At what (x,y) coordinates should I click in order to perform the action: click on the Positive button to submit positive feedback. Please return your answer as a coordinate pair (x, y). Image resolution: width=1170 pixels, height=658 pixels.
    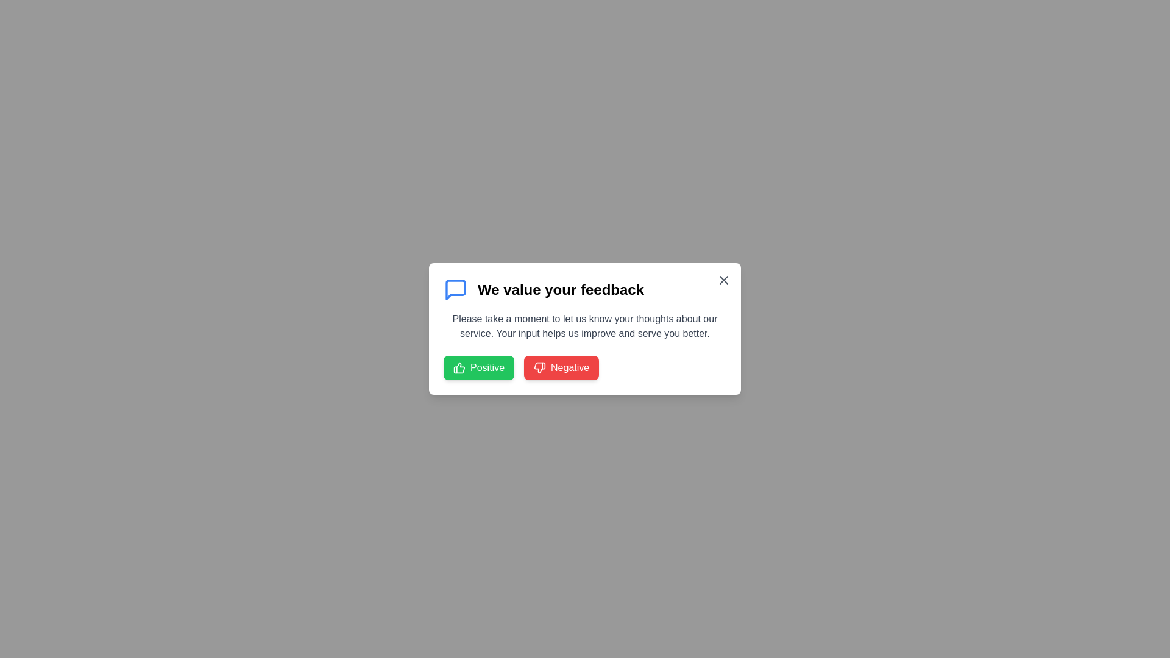
    Looking at the image, I should click on (478, 367).